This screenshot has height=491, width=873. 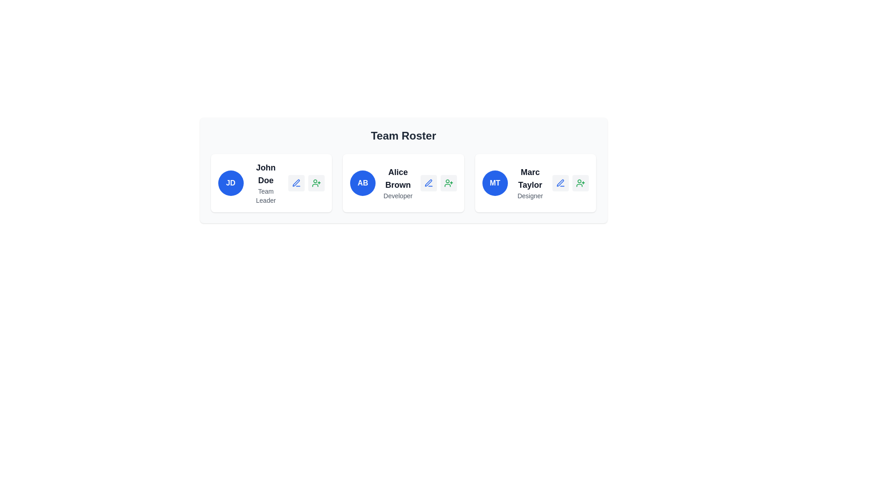 What do you see at coordinates (448, 183) in the screenshot?
I see `the outlined icon of a person with a small '+' sign located within the card for 'Alice Brown'` at bounding box center [448, 183].